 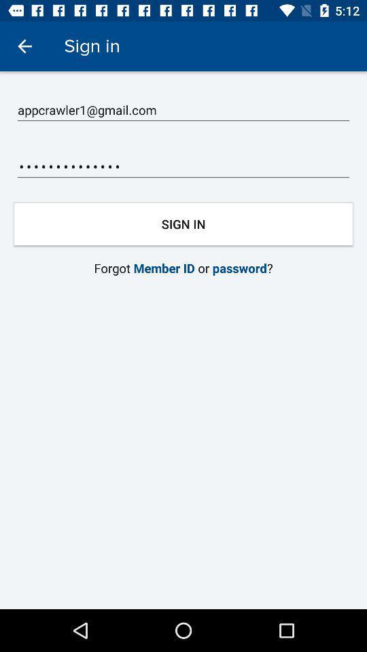 What do you see at coordinates (183, 267) in the screenshot?
I see `item below the sign in item` at bounding box center [183, 267].